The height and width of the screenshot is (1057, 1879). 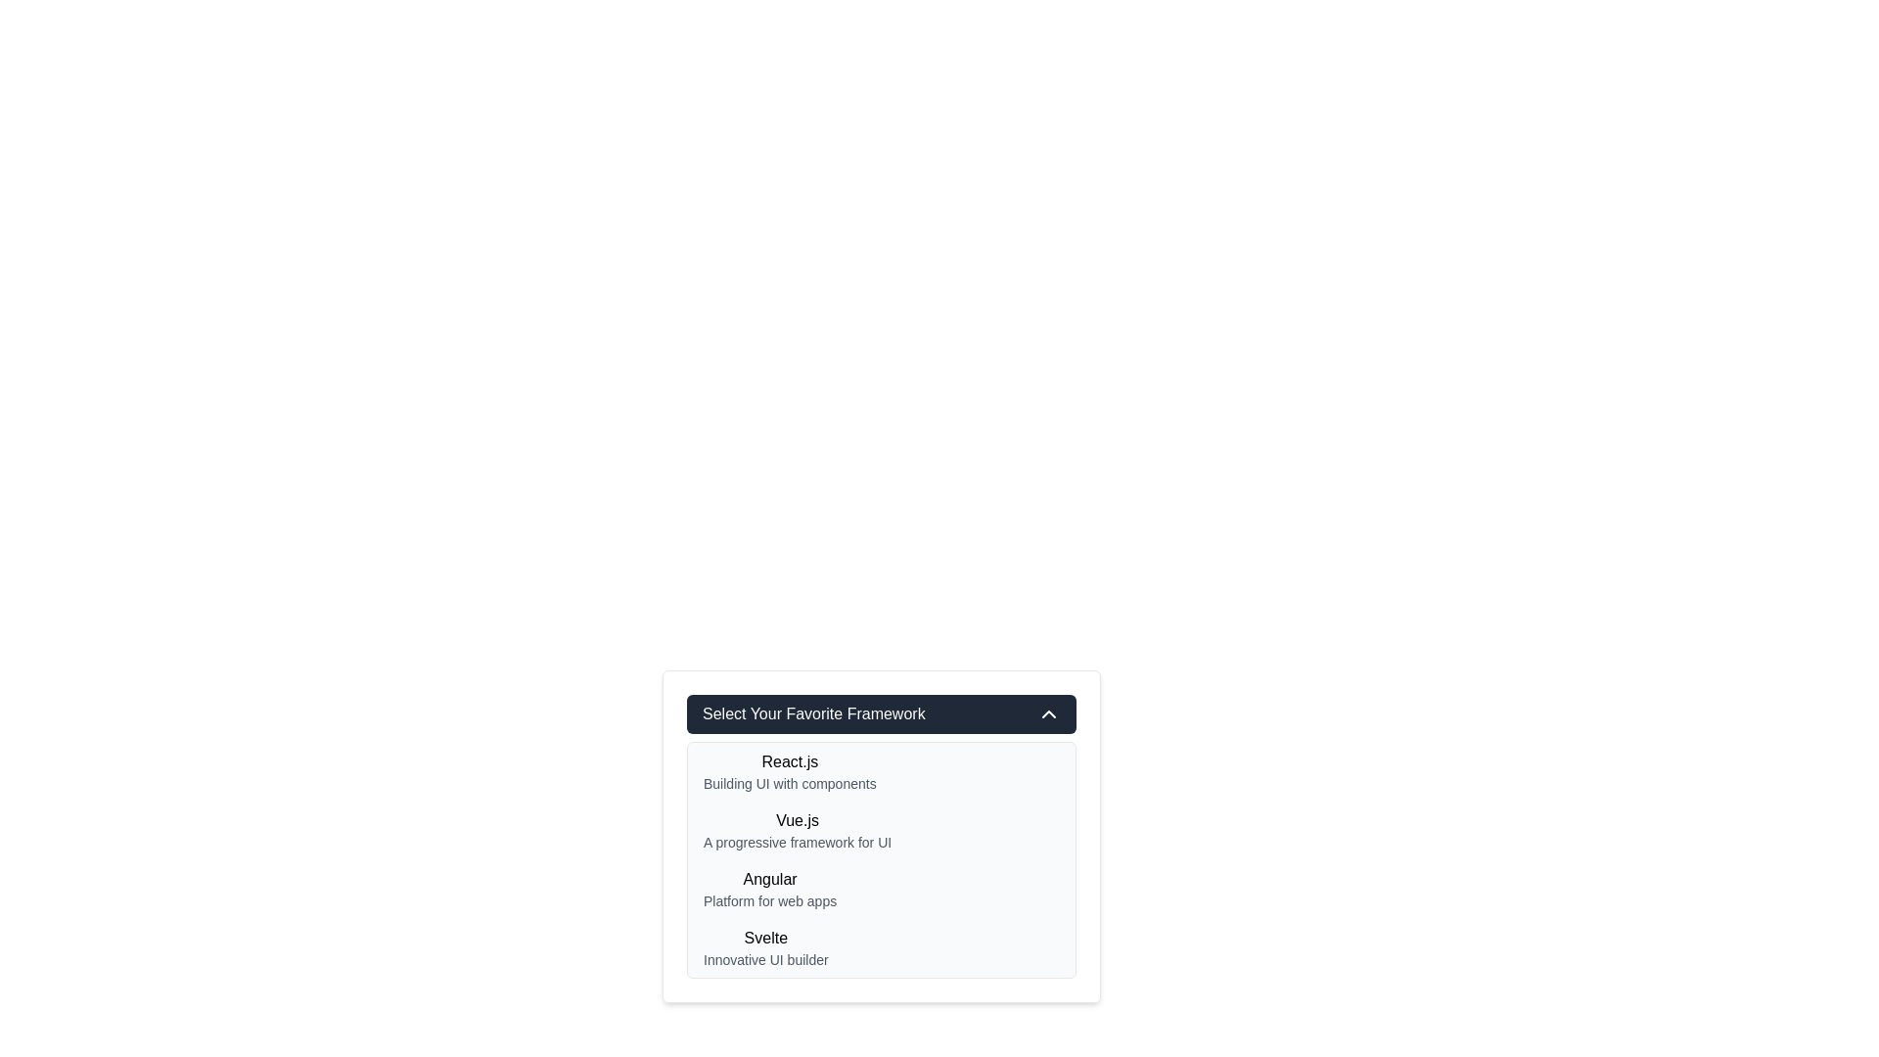 What do you see at coordinates (790, 771) in the screenshot?
I see `the first list item displaying 'React.js' with the subtitle 'Building UI with components' in the dropdown menu for framework options` at bounding box center [790, 771].